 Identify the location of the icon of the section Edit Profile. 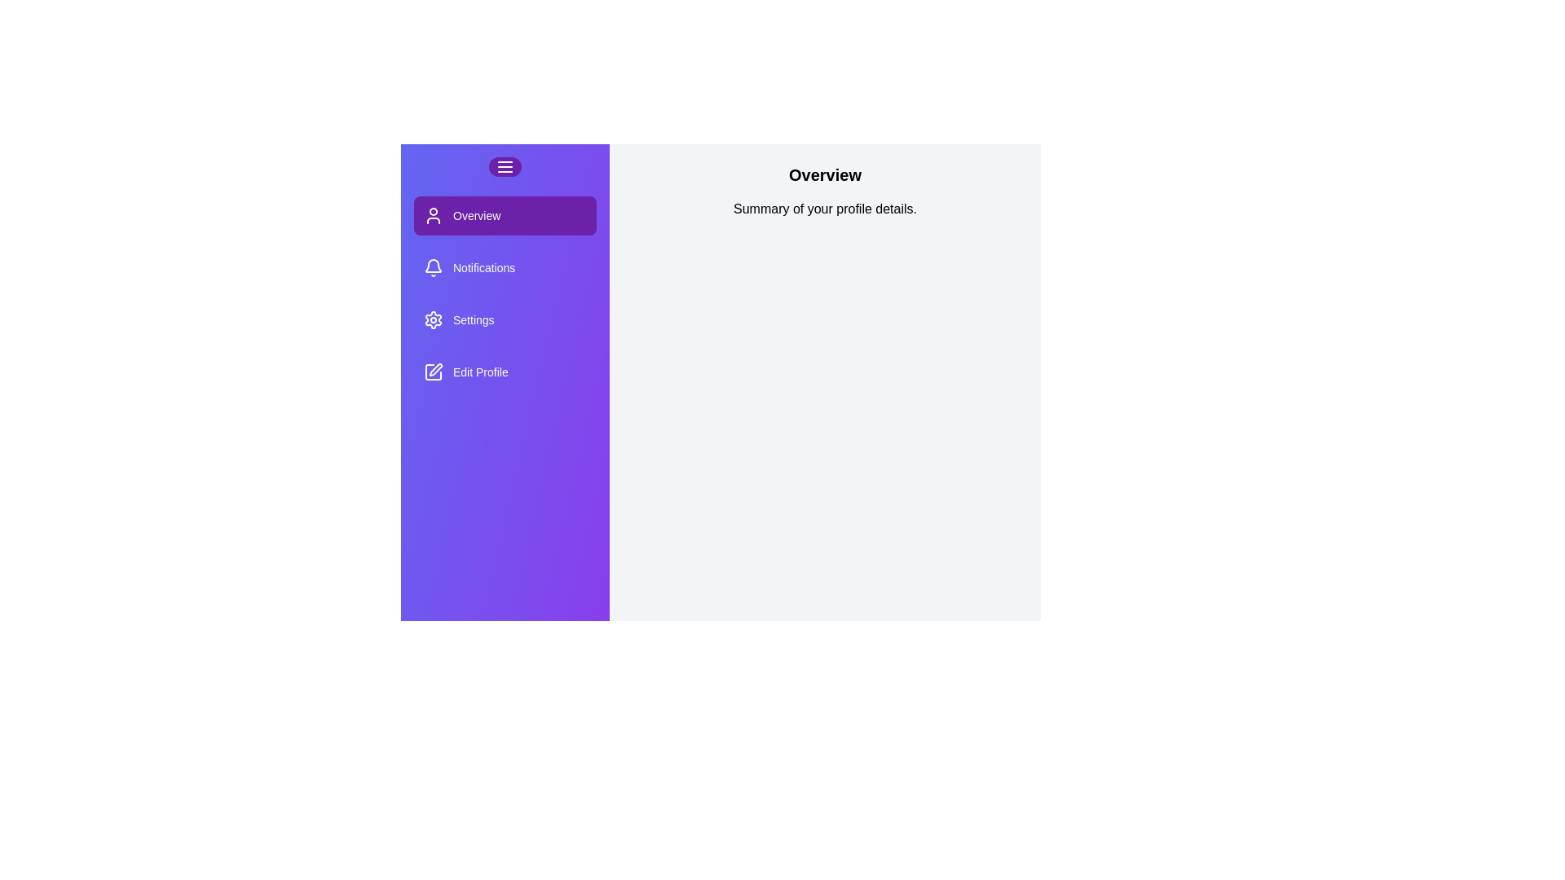
(434, 372).